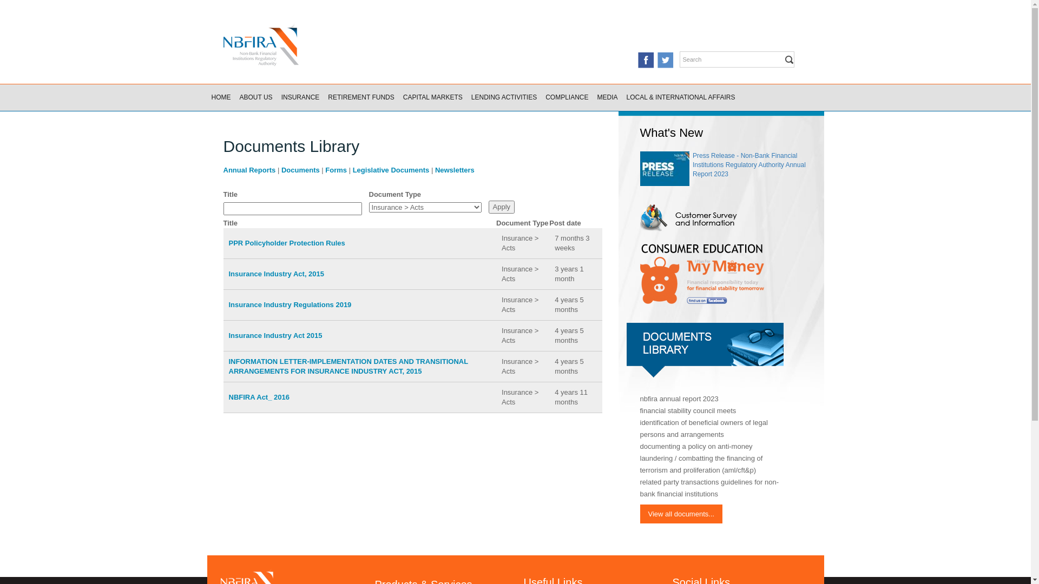  What do you see at coordinates (275, 335) in the screenshot?
I see `'Insurance Industry Act 2015'` at bounding box center [275, 335].